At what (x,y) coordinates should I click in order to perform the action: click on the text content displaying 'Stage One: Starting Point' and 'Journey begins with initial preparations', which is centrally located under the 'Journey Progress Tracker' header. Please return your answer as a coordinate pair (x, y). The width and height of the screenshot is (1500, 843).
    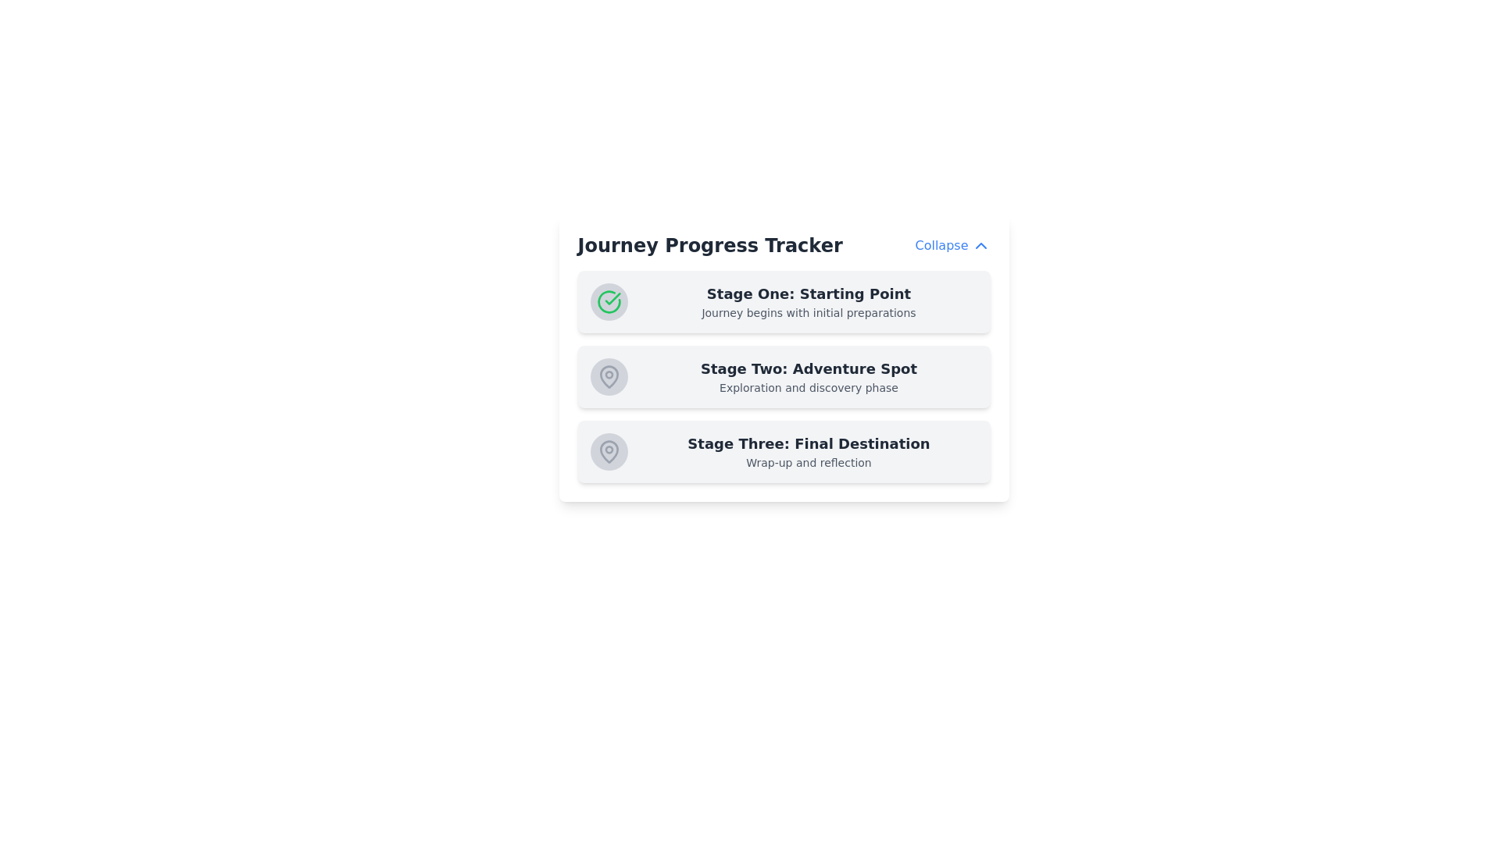
    Looking at the image, I should click on (809, 301).